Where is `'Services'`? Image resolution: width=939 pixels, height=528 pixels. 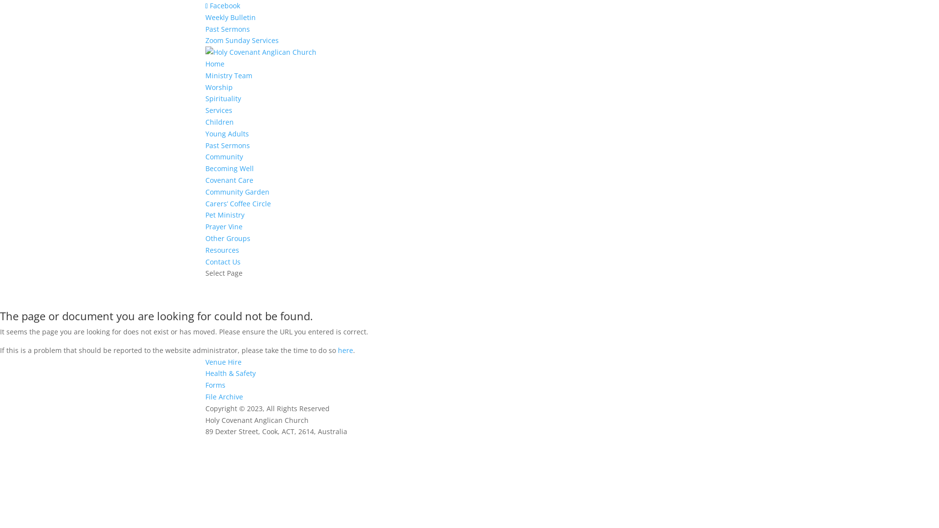 'Services' is located at coordinates (218, 110).